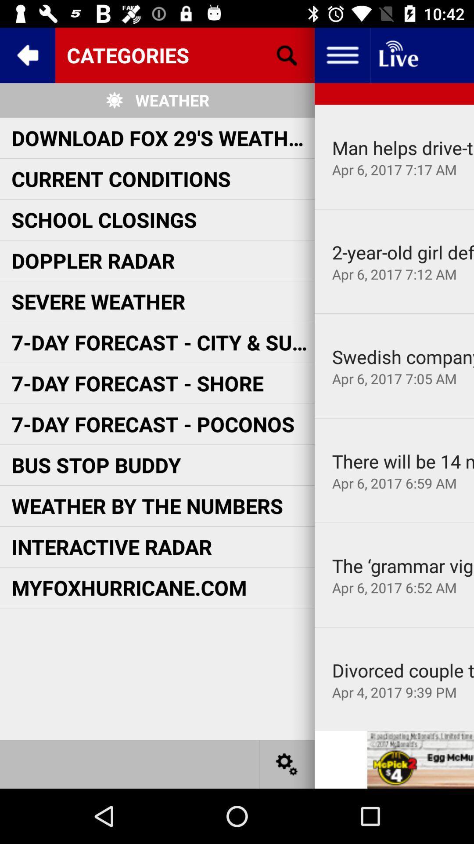 Image resolution: width=474 pixels, height=844 pixels. I want to click on item above the divorced couple takes icon, so click(394, 626).